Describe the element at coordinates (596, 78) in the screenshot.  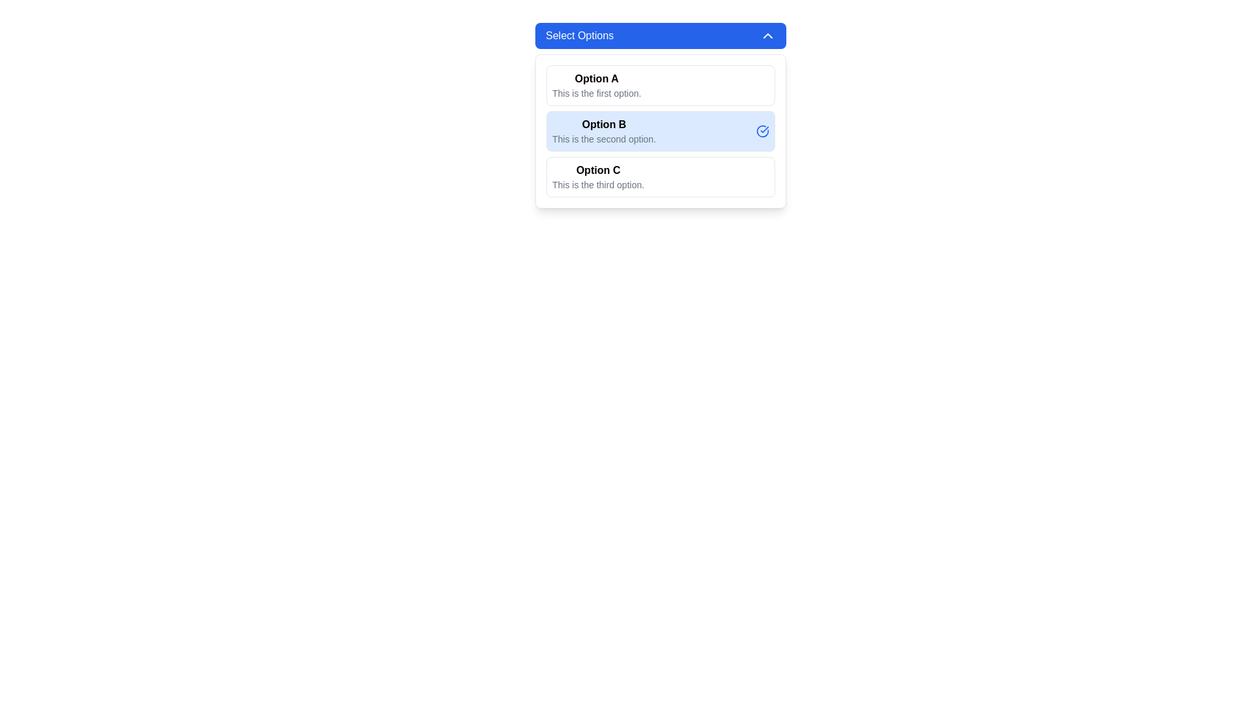
I see `the title label of the first option in the dropdown menu, which is located at the top section above the selectable options` at that location.